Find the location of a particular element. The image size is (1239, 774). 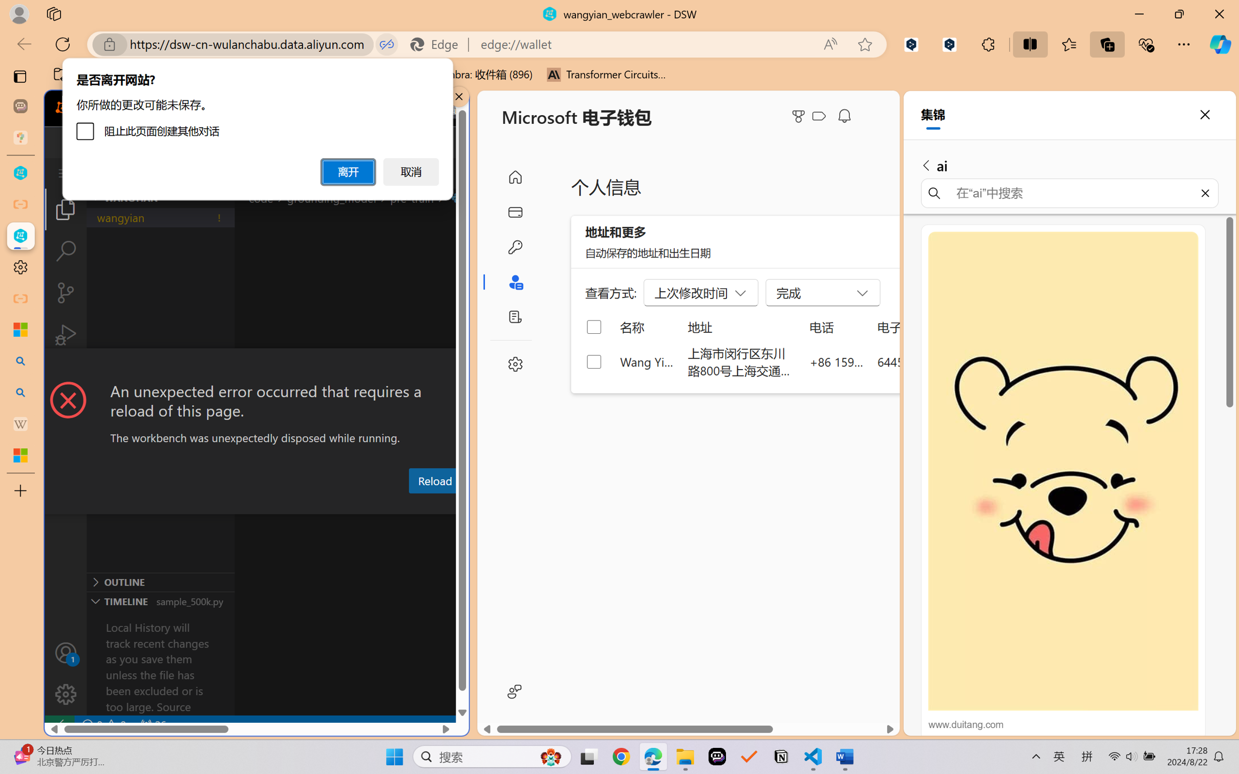

'Microsoft Rewards' is located at coordinates (800, 116).